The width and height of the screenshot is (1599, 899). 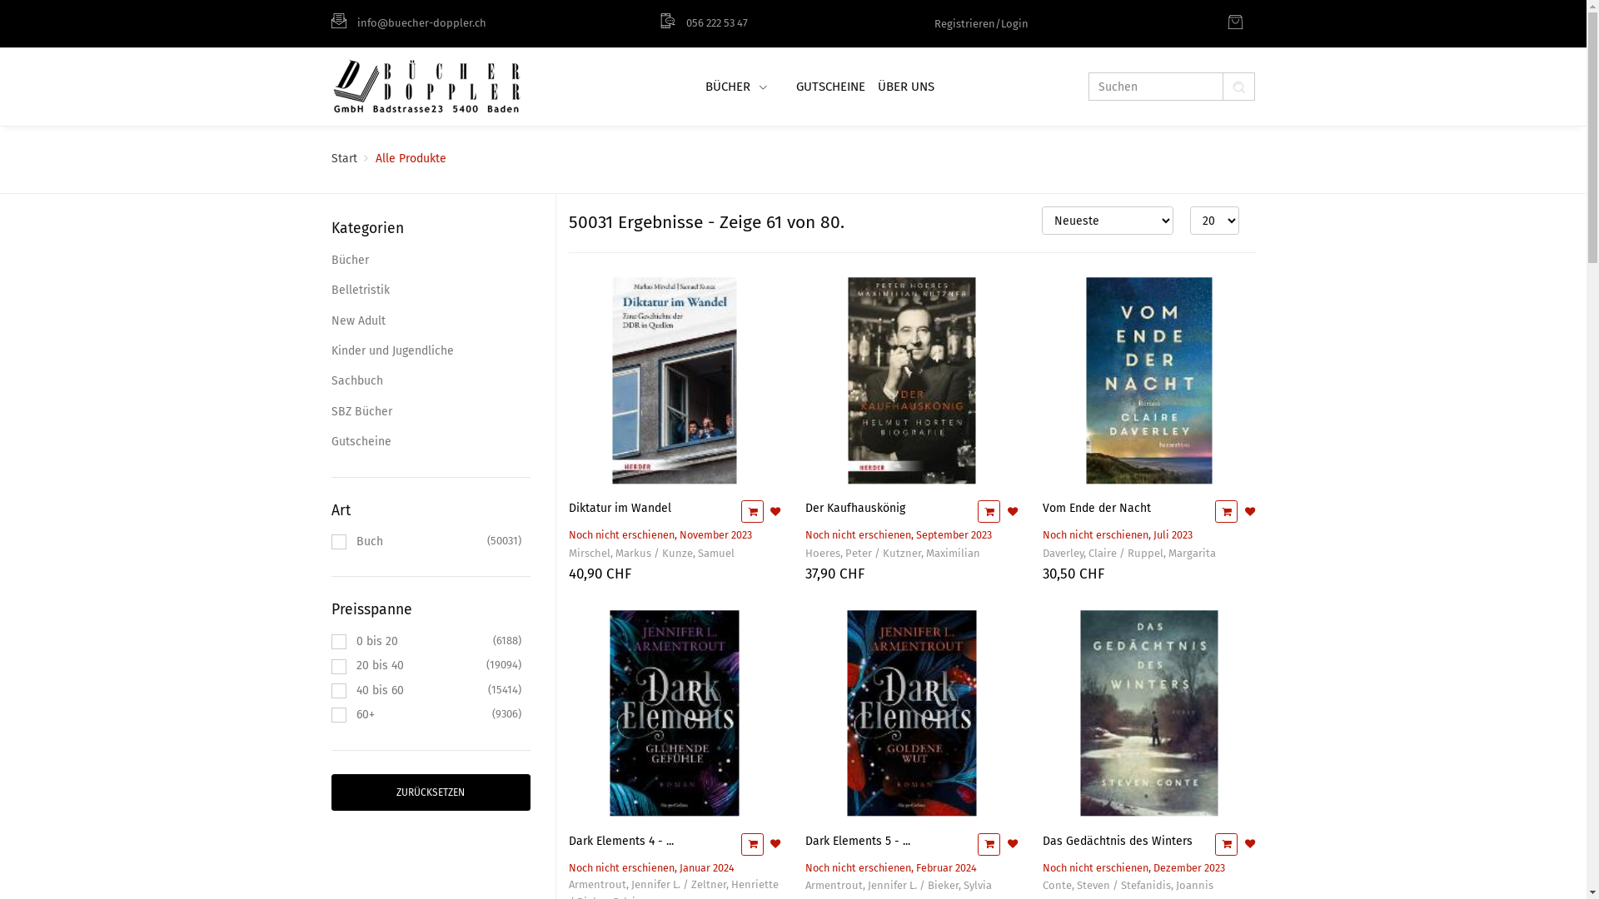 What do you see at coordinates (567, 554) in the screenshot?
I see `'Mirschel, Markus / Kunze, Samuel'` at bounding box center [567, 554].